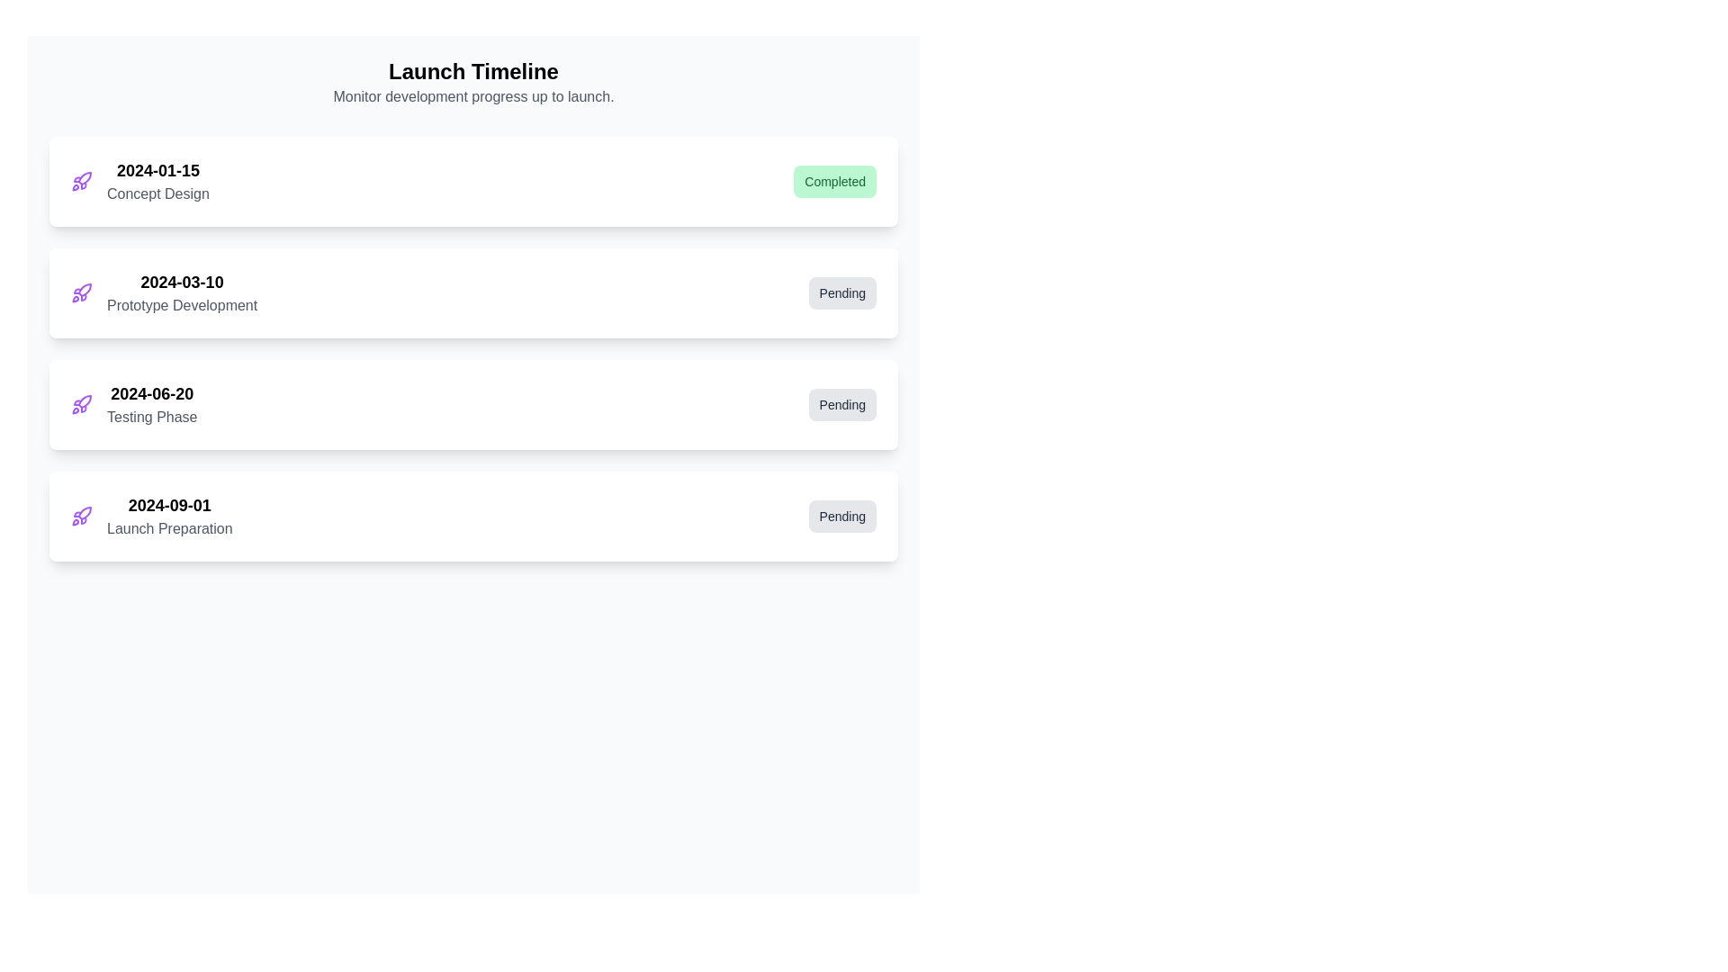  What do you see at coordinates (157, 170) in the screenshot?
I see `date text '2024-01-15' displayed in bold at the top left of the rectangular box in the vertical timeline layout` at bounding box center [157, 170].